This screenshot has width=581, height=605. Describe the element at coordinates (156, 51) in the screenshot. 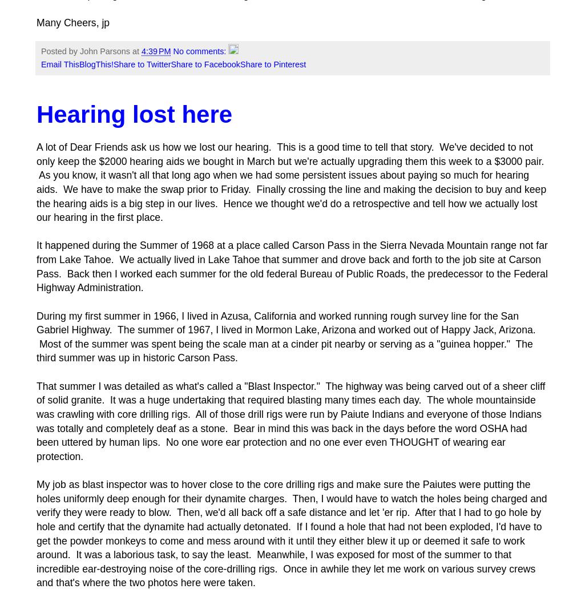

I see `'4:39 PM'` at that location.